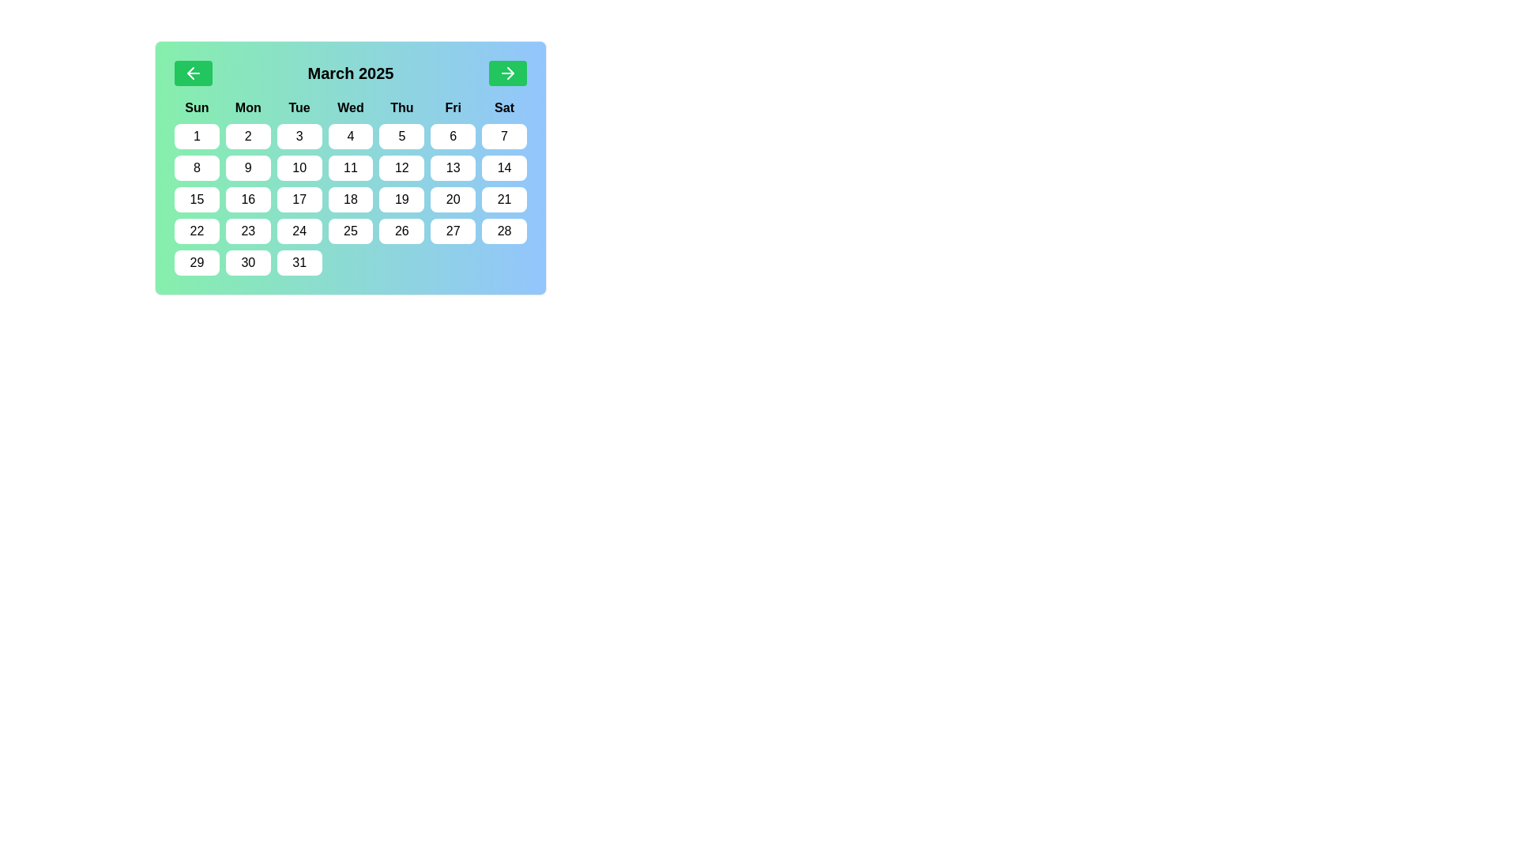 This screenshot has width=1517, height=853. I want to click on the rectangular button with rounded corners, displaying the number '21' in black, so click(503, 199).